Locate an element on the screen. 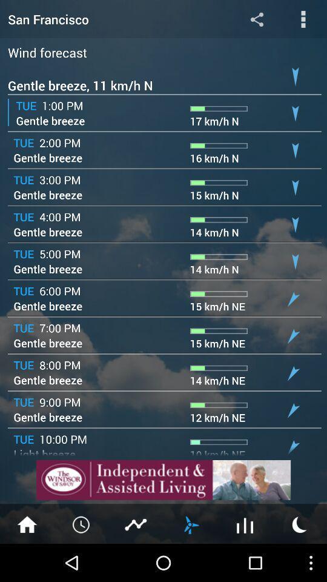 This screenshot has height=582, width=327. open options is located at coordinates (303, 18).